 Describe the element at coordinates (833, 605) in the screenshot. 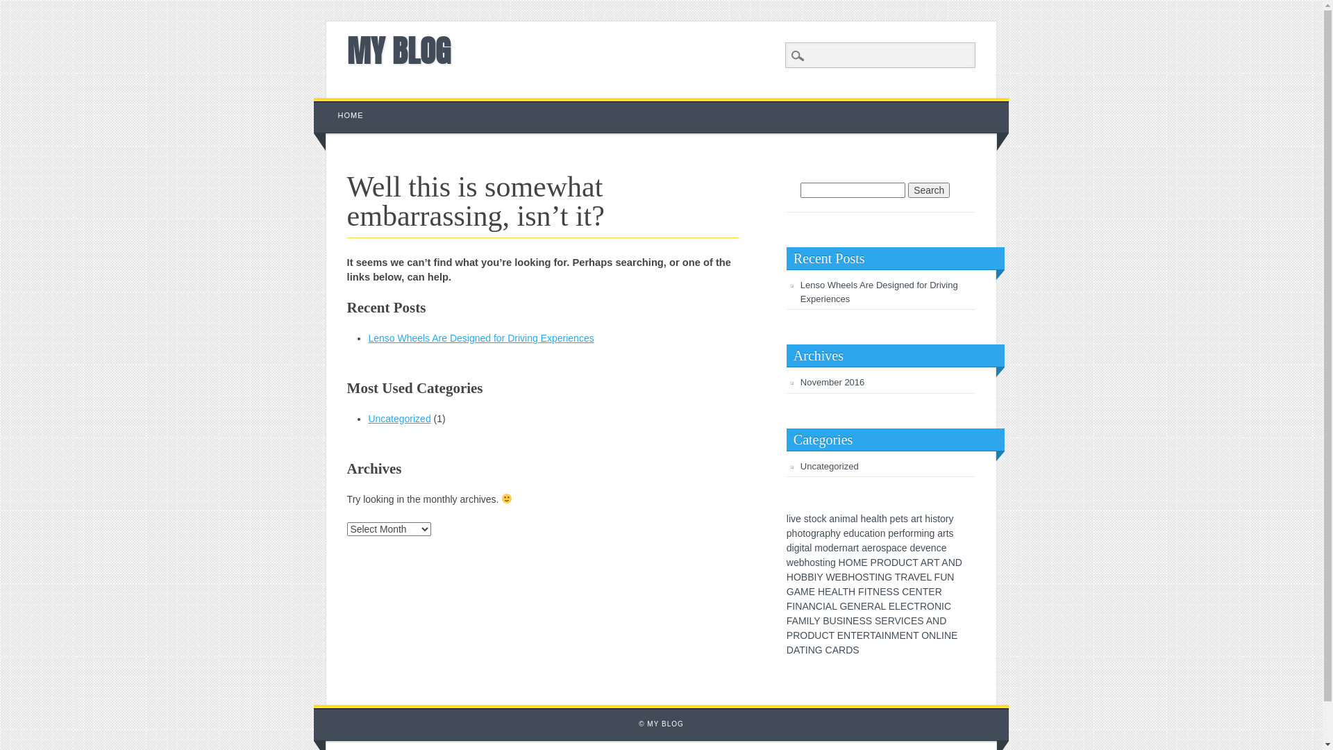

I see `'L'` at that location.